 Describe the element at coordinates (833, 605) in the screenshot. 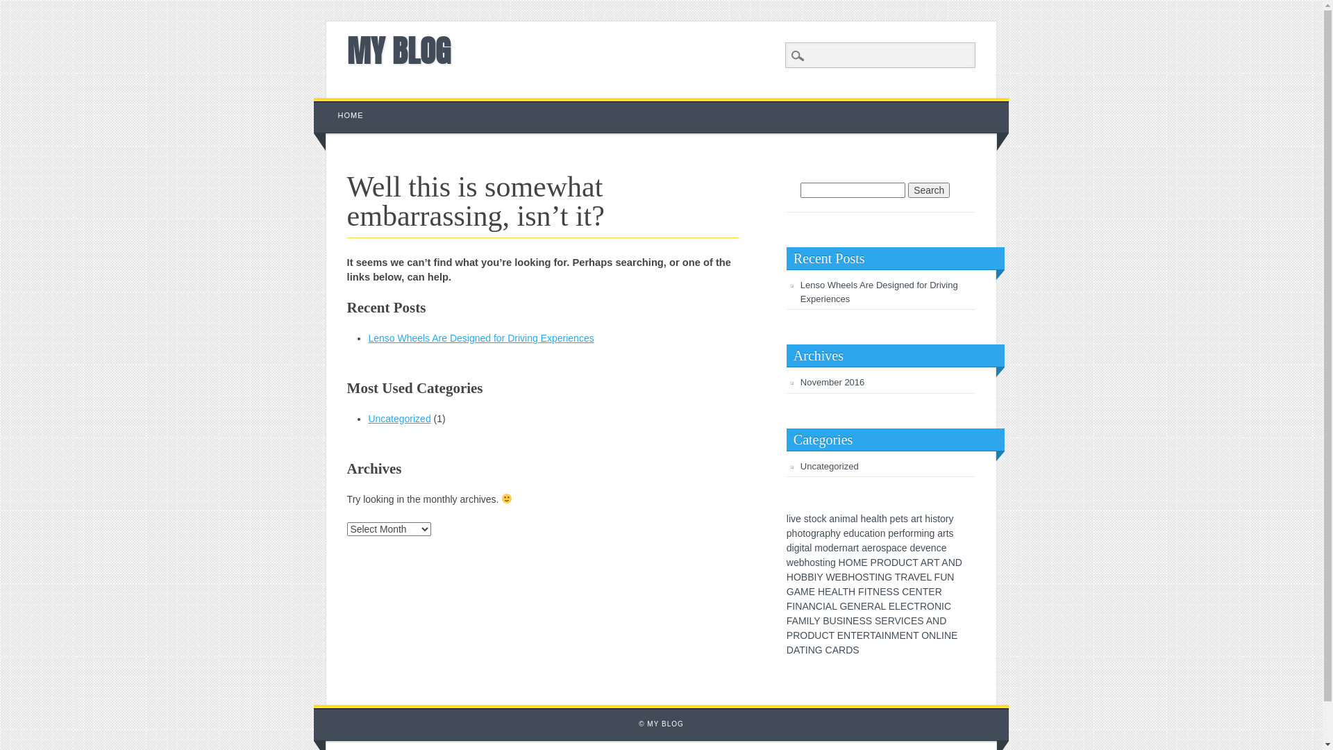

I see `'L'` at that location.